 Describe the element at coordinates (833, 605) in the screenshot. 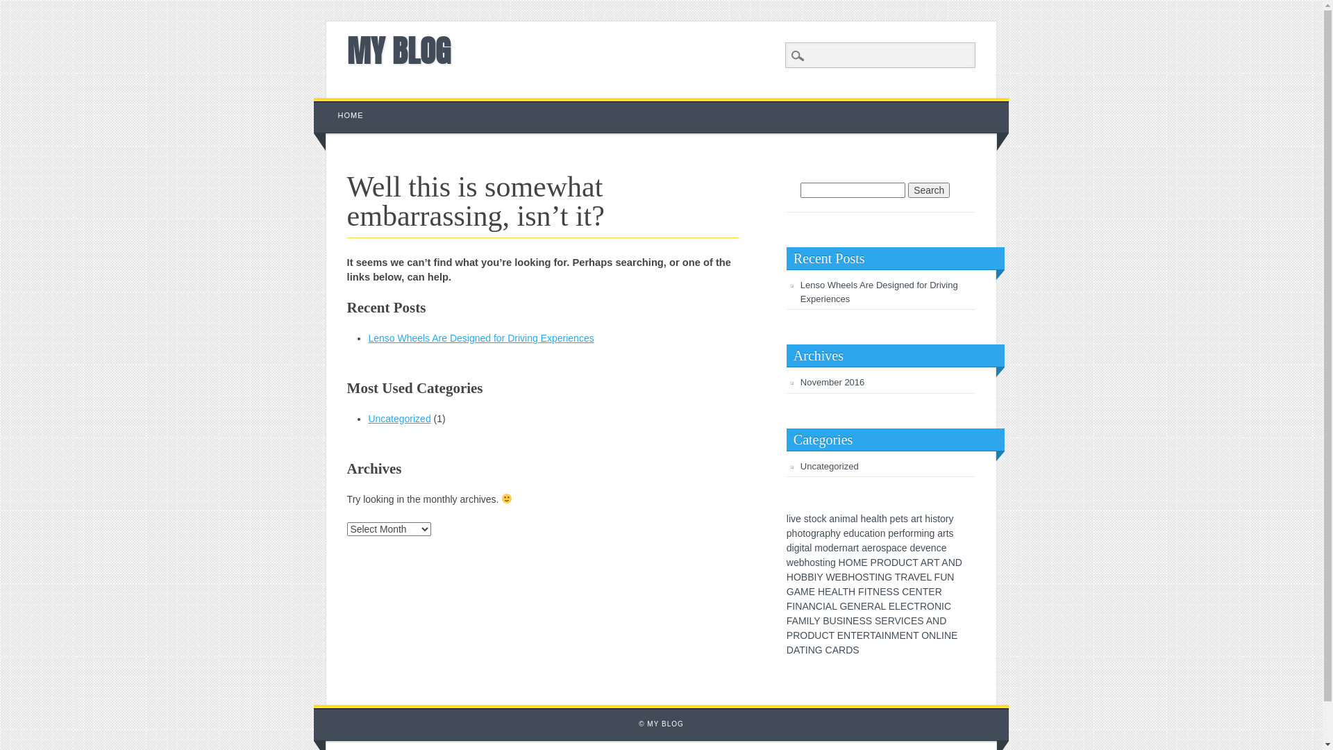

I see `'L'` at that location.